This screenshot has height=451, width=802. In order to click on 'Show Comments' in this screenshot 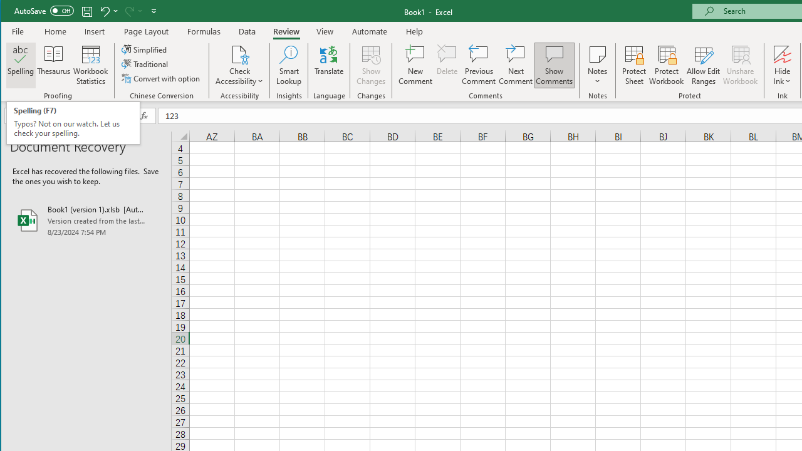, I will do `click(553, 65)`.